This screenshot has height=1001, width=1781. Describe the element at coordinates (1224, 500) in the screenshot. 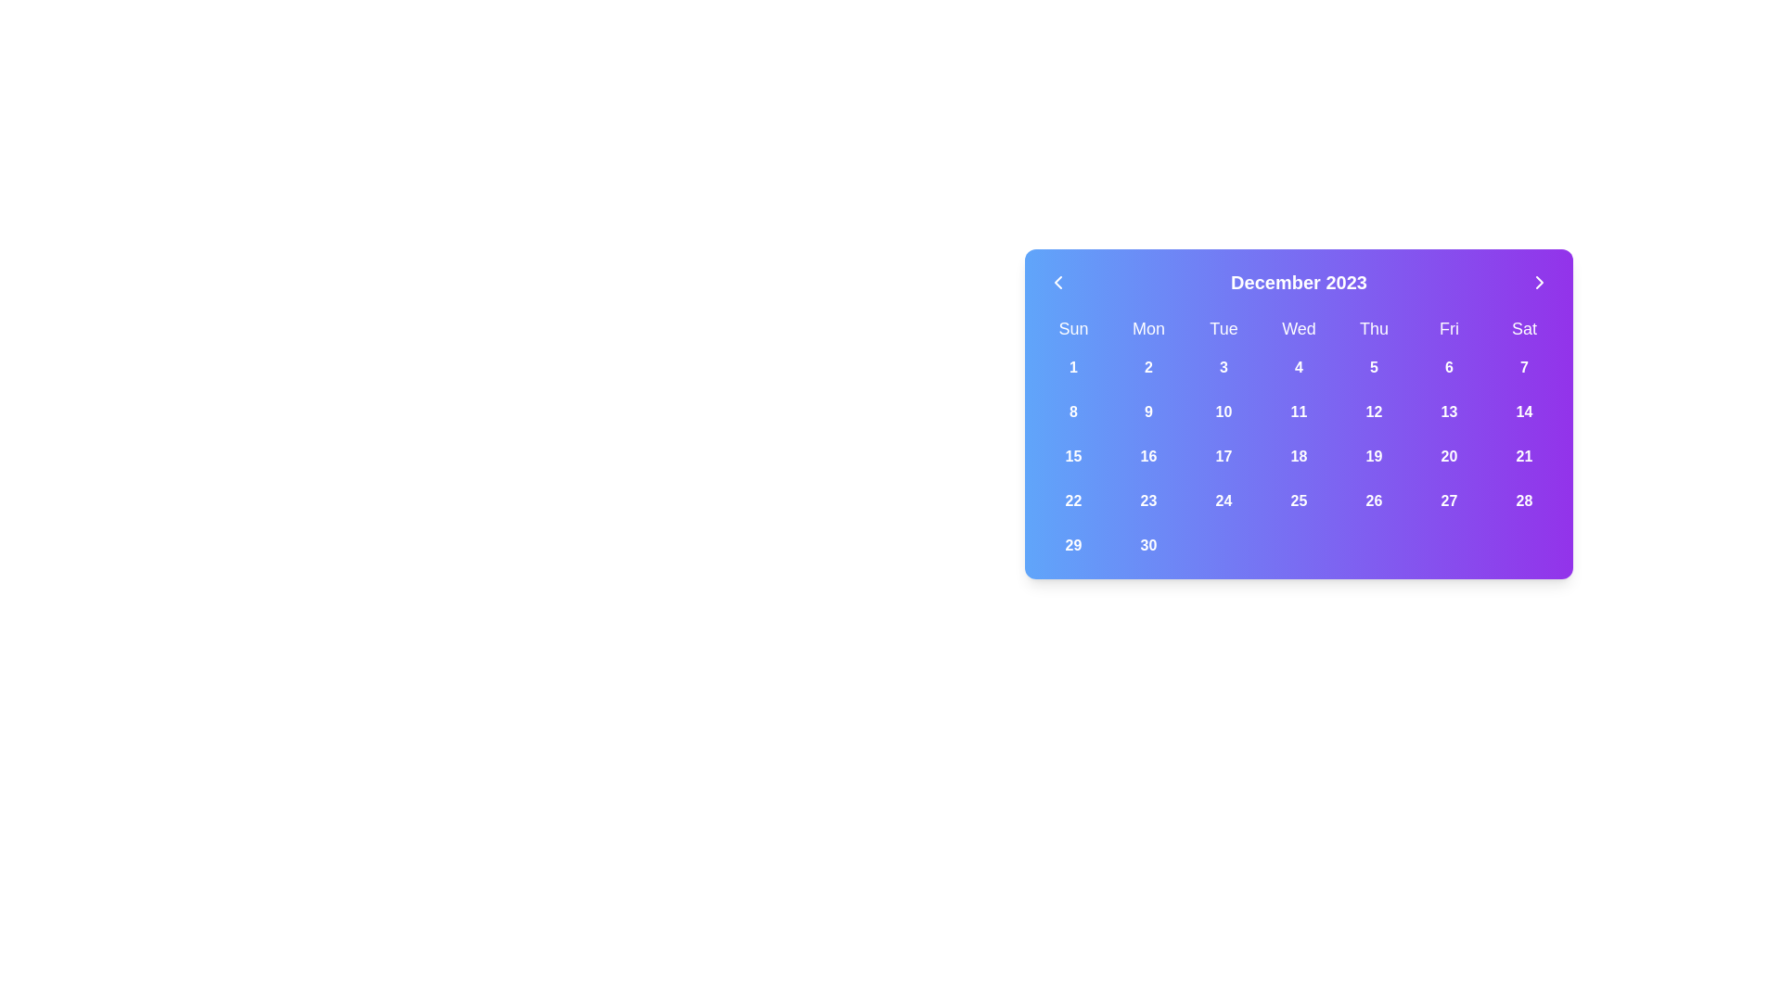

I see `the selectable date button for the 24th day in the calendar, which is located in the fourth row and fourth column, to change its background color` at that location.